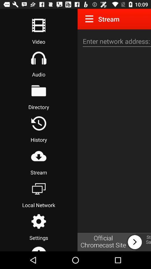 The height and width of the screenshot is (269, 151). Describe the element at coordinates (38, 123) in the screenshot. I see `history button` at that location.